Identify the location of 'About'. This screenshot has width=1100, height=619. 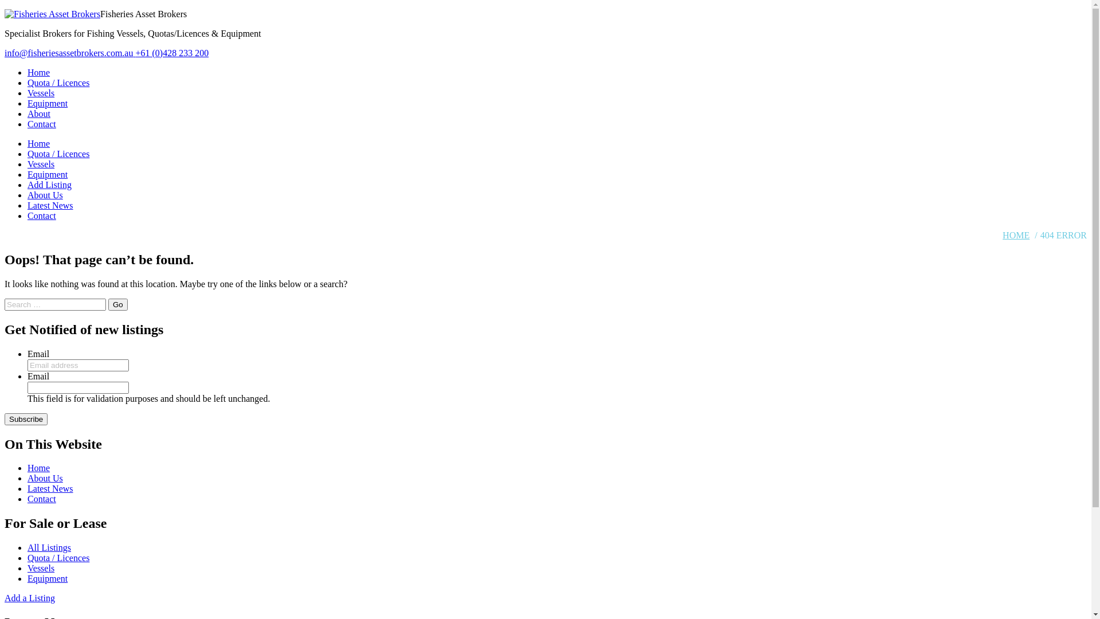
(27, 113).